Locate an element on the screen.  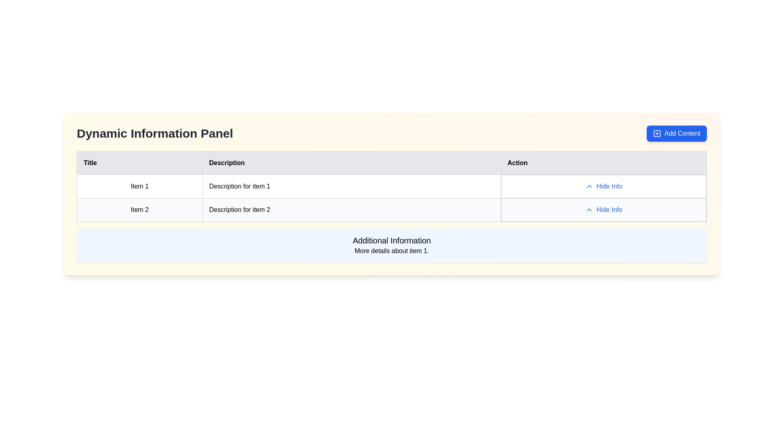
the Text label that serves as the title for the first item in the table under the 'Title' column is located at coordinates (139, 186).